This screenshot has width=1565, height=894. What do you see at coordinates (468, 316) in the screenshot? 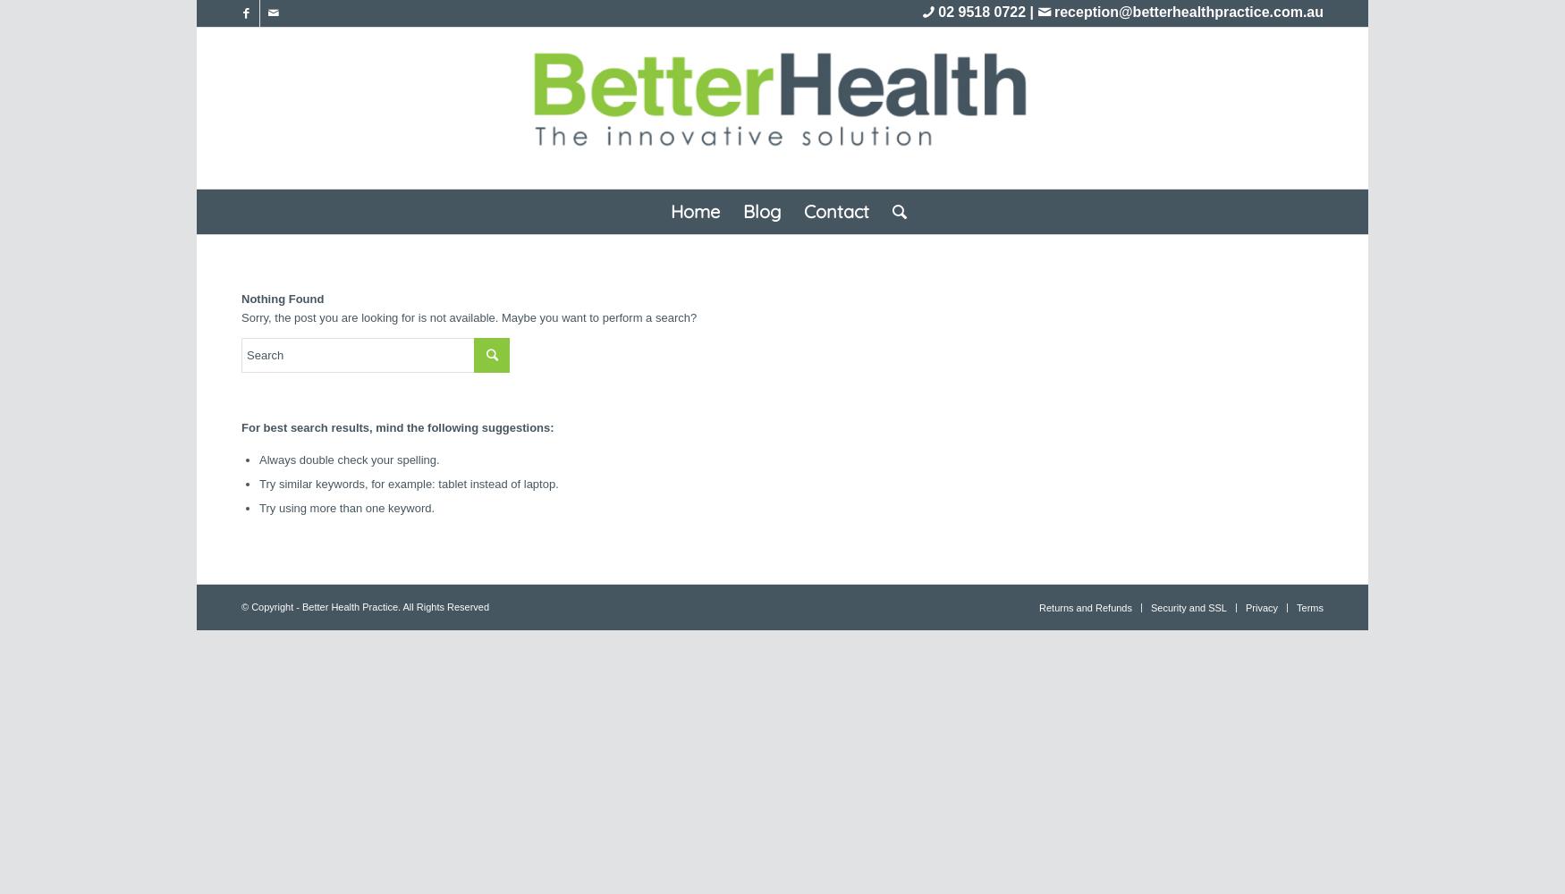
I see `'Sorry, the post you are looking for is not available. Maybe you want to perform a search?'` at bounding box center [468, 316].